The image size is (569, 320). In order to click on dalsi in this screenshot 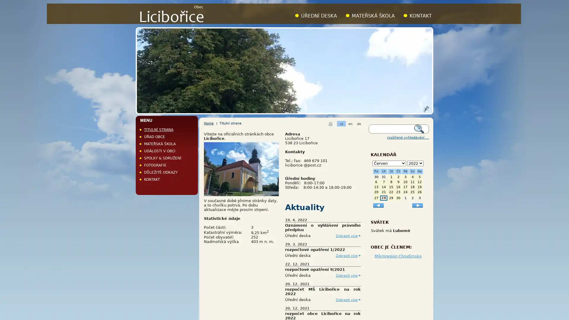, I will do `click(417, 205)`.